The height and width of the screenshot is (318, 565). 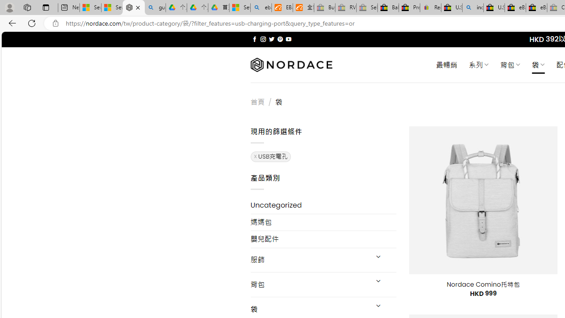 I want to click on 'Follow on Pinterest', so click(x=279, y=39).